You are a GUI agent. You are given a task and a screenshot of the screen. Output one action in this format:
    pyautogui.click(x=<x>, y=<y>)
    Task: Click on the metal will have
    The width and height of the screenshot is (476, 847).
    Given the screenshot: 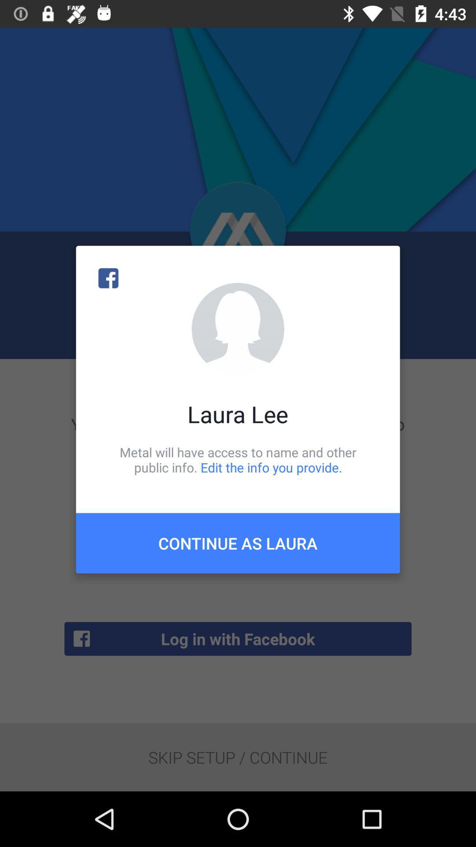 What is the action you would take?
    pyautogui.click(x=238, y=459)
    